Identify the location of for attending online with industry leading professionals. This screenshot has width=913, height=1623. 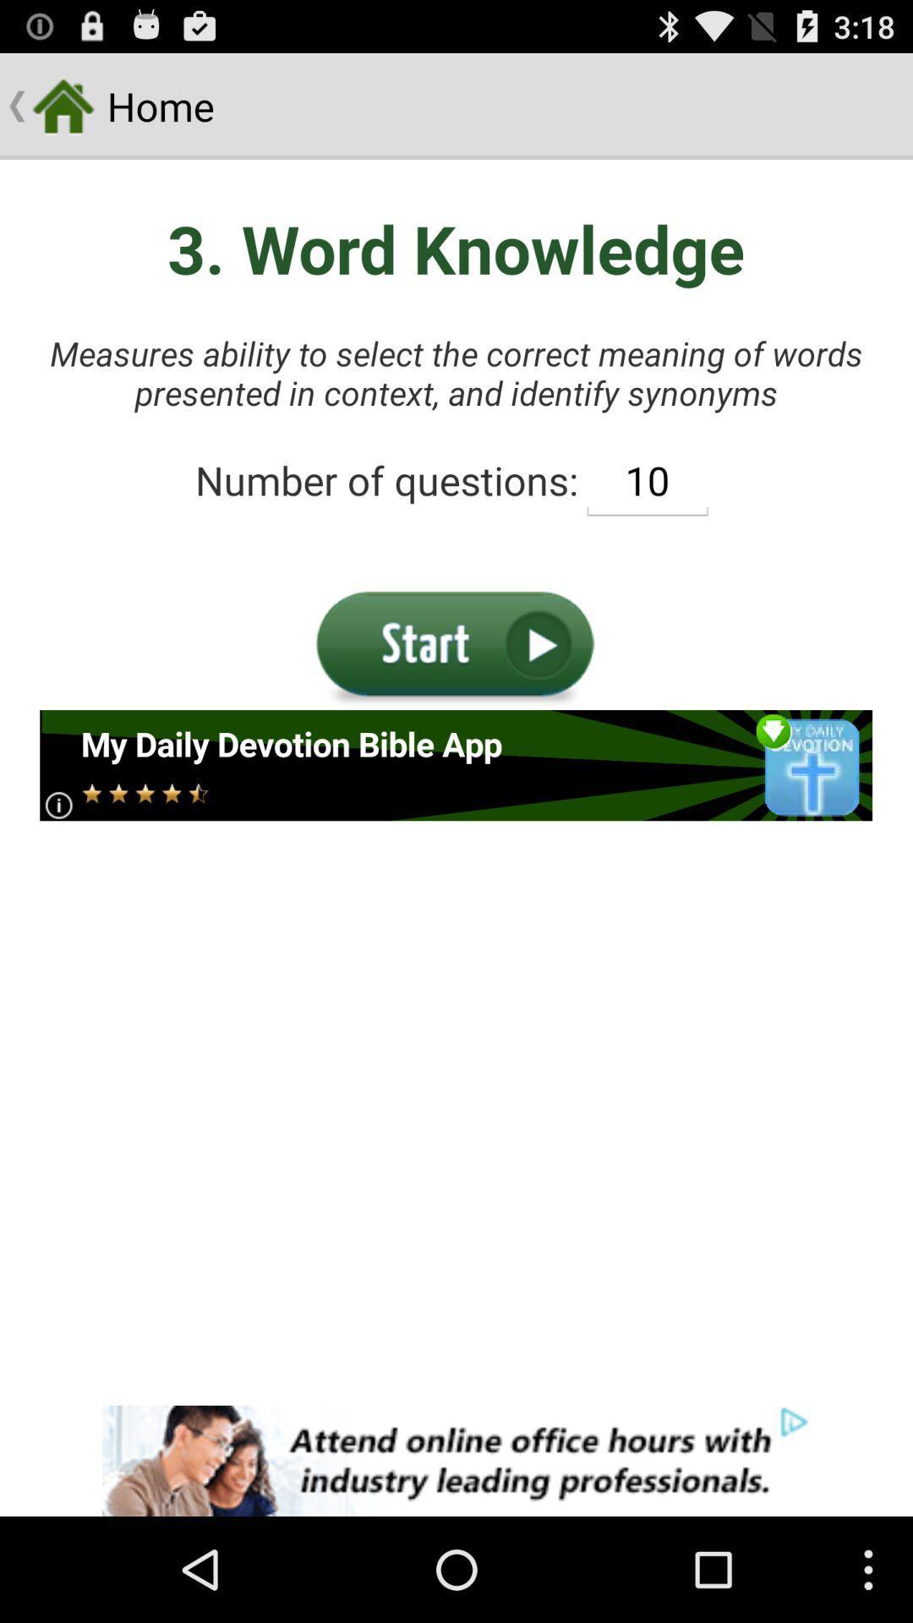
(456, 1460).